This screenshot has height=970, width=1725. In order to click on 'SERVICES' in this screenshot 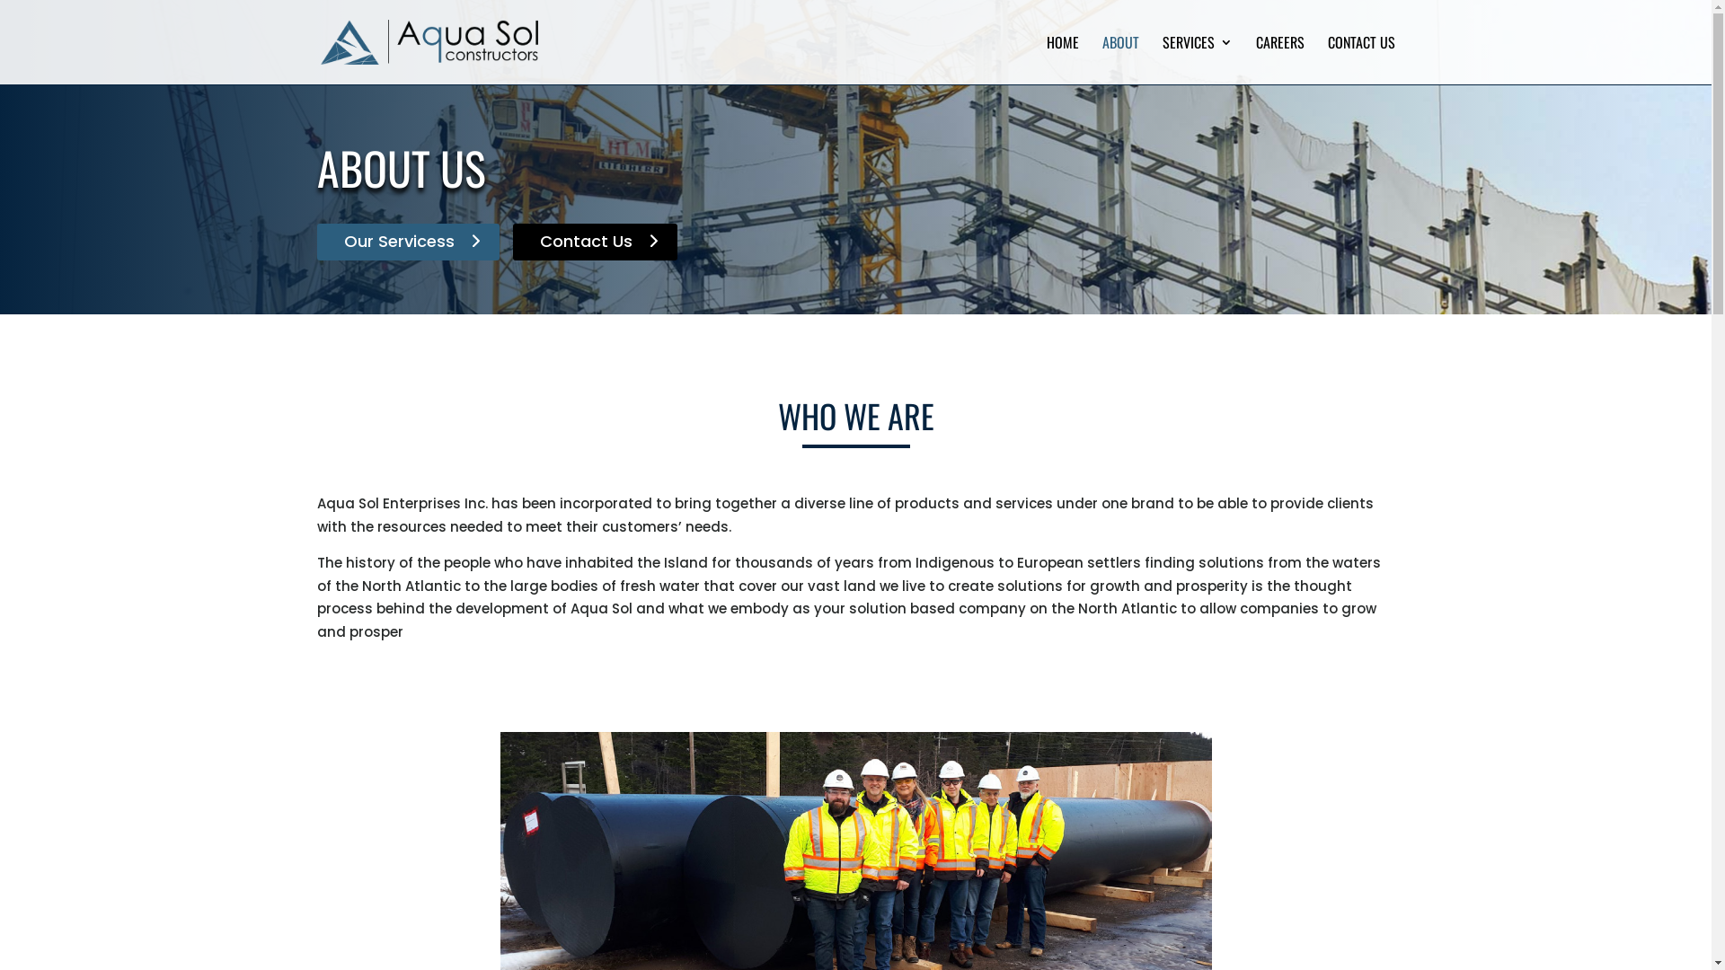, I will do `click(1198, 58)`.